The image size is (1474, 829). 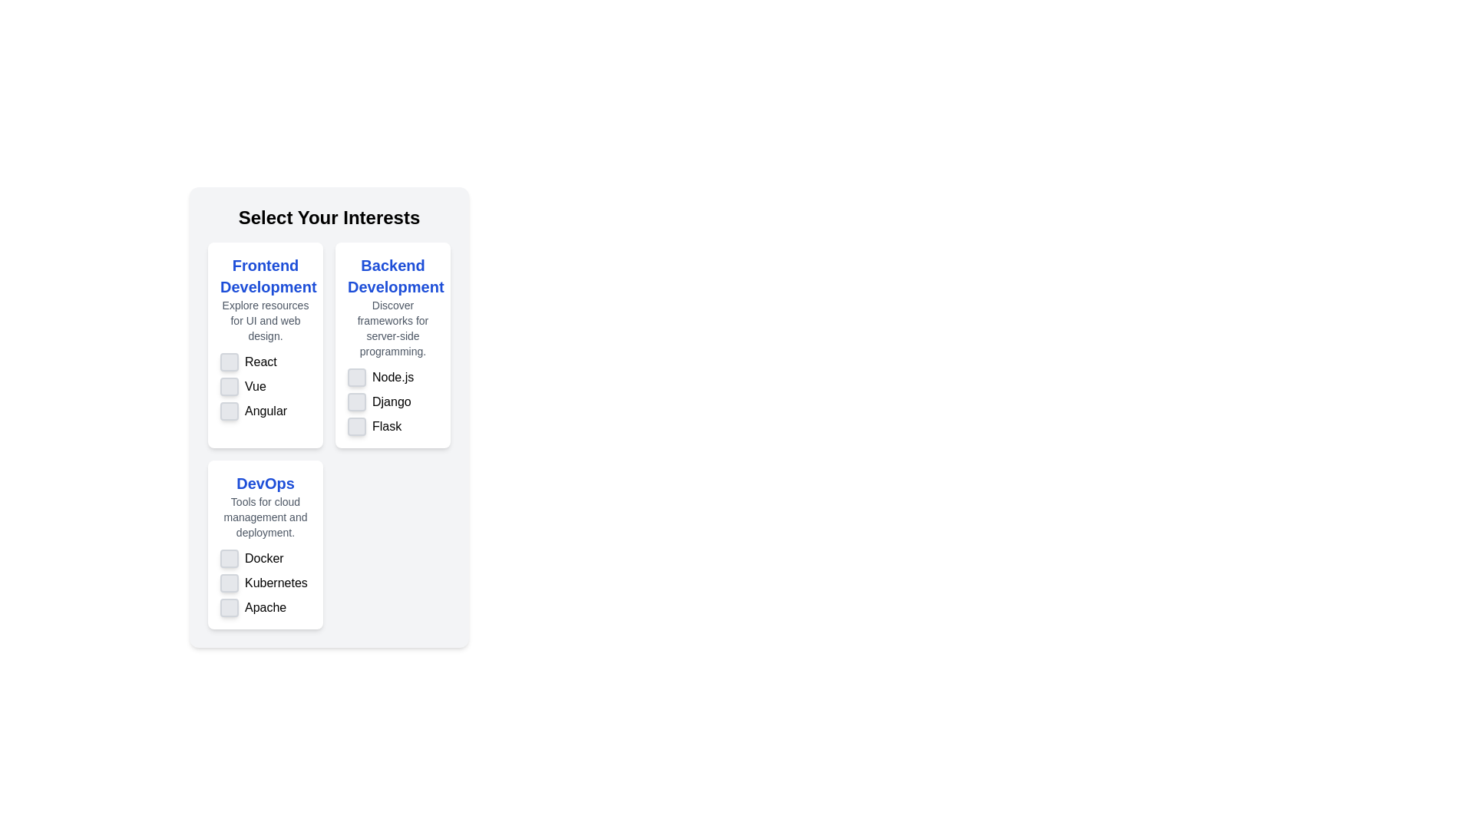 What do you see at coordinates (265, 386) in the screenshot?
I see `the 'Vue' checkbox` at bounding box center [265, 386].